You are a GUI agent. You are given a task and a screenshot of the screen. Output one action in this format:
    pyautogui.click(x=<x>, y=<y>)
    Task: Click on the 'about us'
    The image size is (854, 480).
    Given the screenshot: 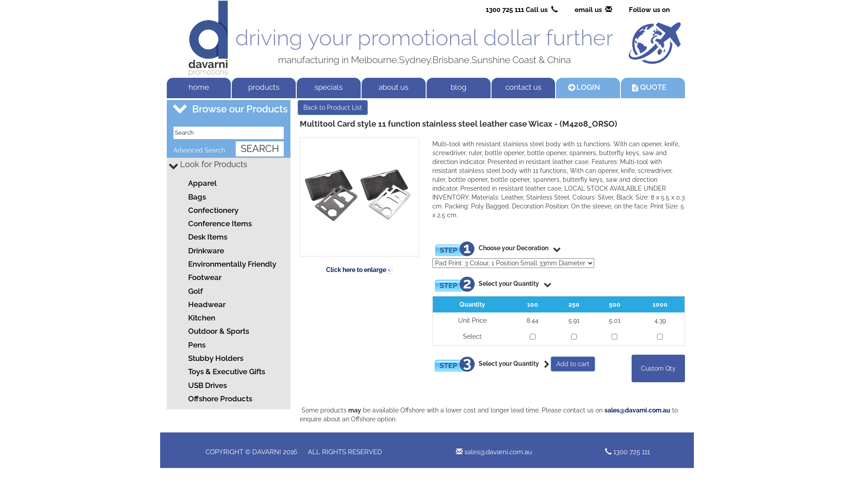 What is the action you would take?
    pyautogui.click(x=393, y=88)
    